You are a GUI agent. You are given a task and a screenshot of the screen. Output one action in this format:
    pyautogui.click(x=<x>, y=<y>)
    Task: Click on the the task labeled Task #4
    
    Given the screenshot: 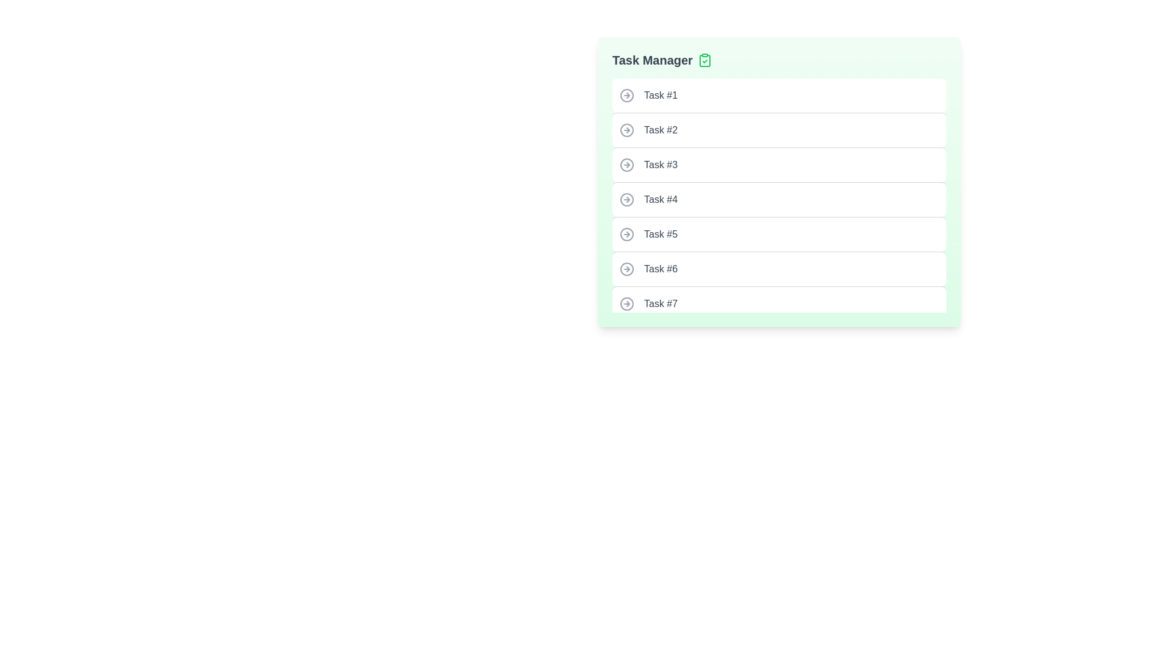 What is the action you would take?
    pyautogui.click(x=778, y=199)
    